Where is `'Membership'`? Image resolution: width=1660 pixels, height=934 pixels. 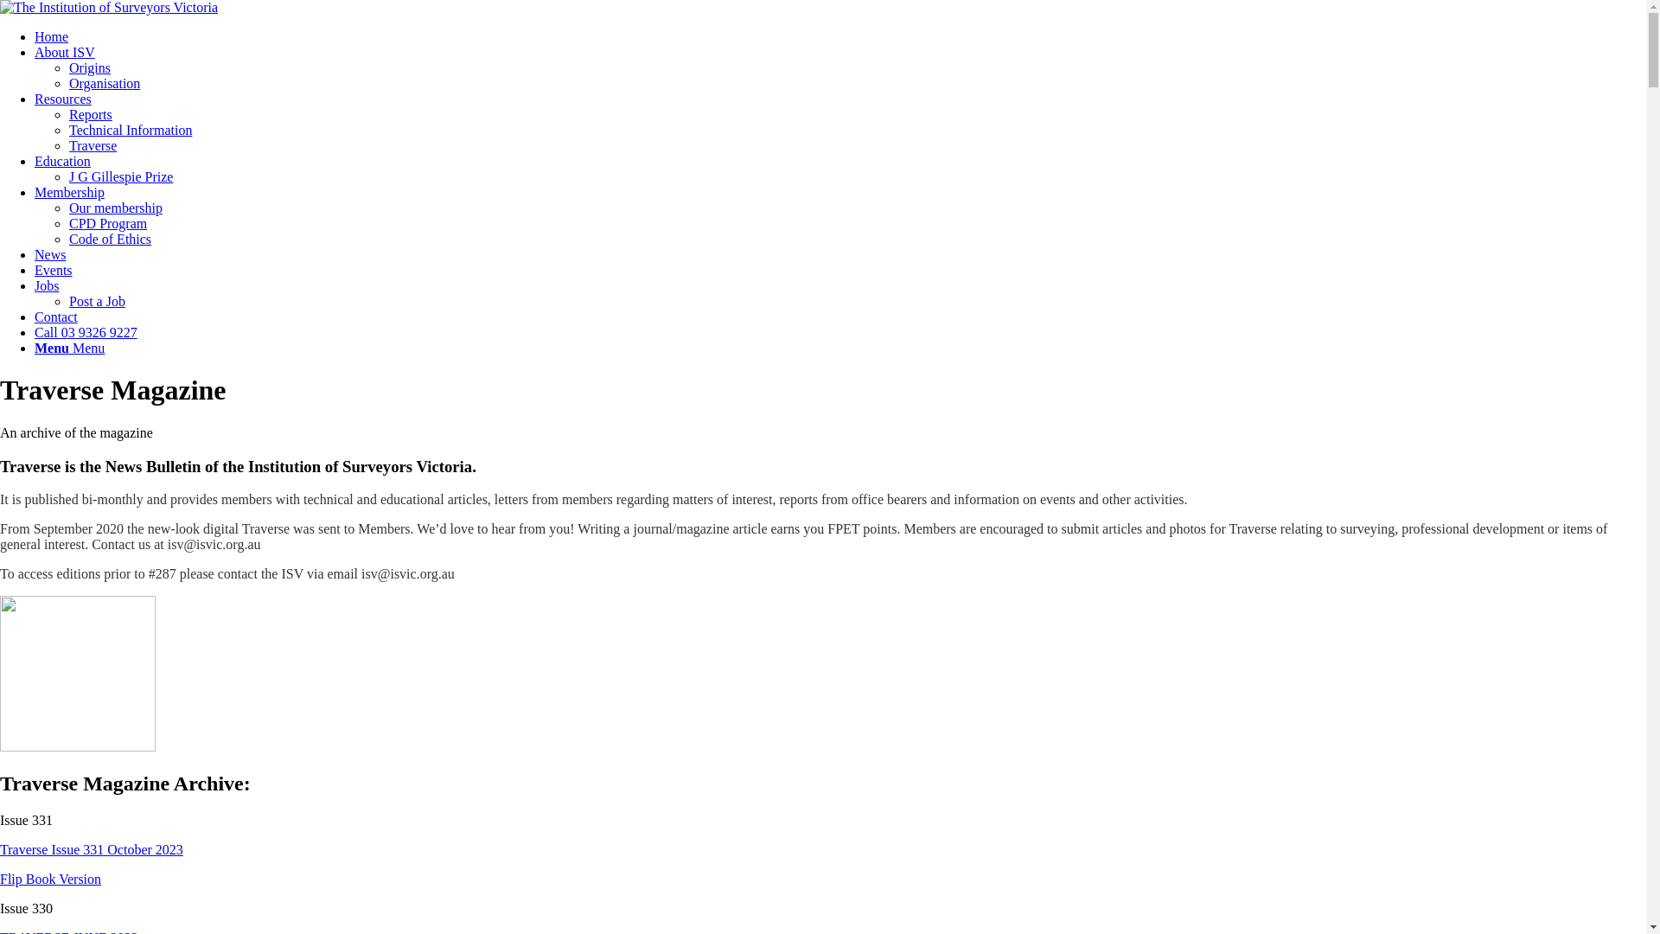 'Membership' is located at coordinates (69, 192).